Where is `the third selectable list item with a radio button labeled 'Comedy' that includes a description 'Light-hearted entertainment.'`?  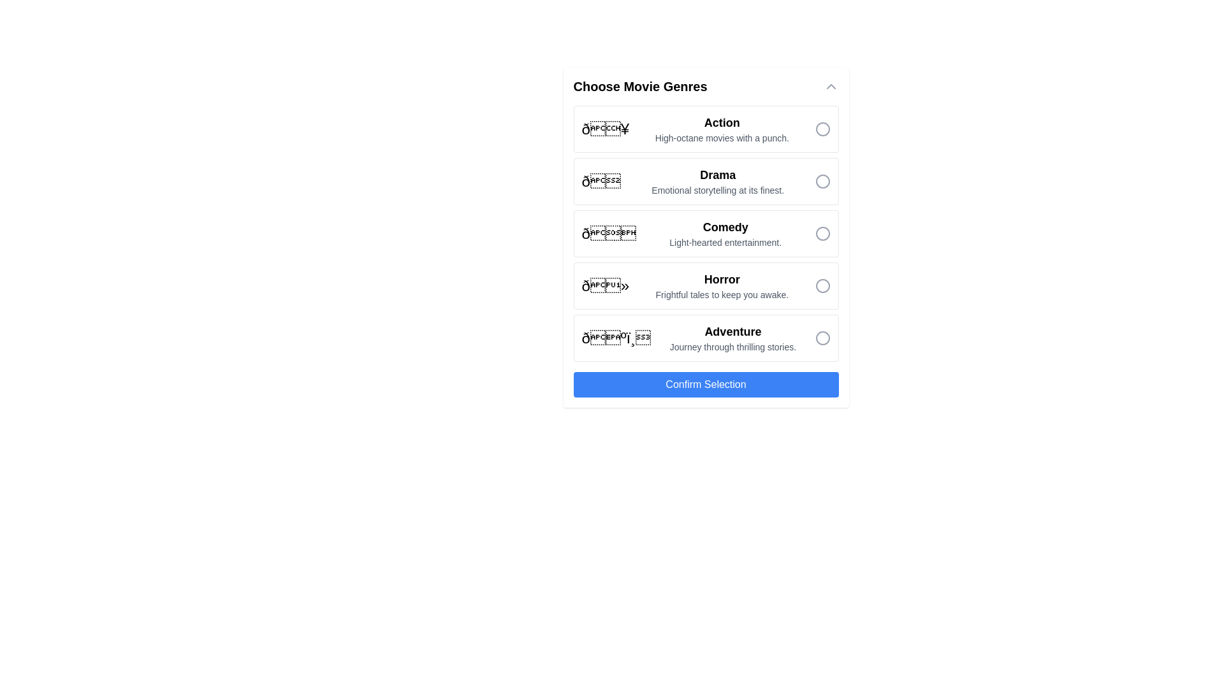 the third selectable list item with a radio button labeled 'Comedy' that includes a description 'Light-hearted entertainment.' is located at coordinates (705, 238).